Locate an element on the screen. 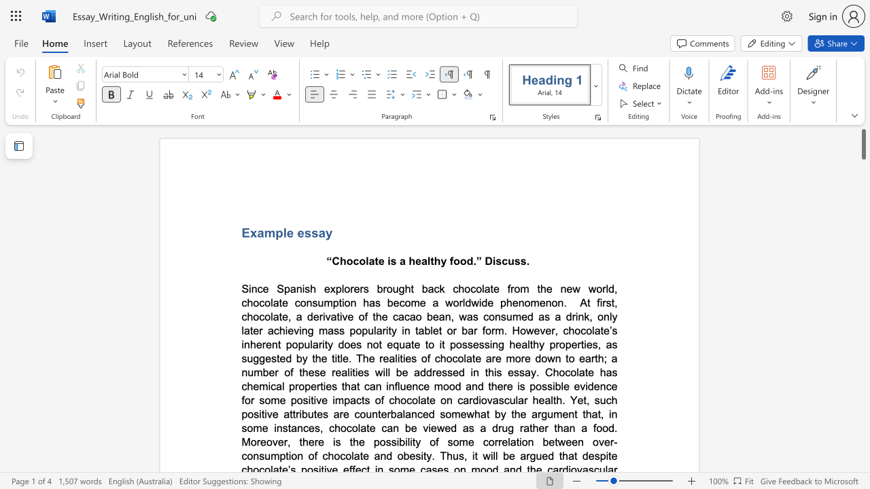  the scrollbar to scroll downward is located at coordinates (863, 168).